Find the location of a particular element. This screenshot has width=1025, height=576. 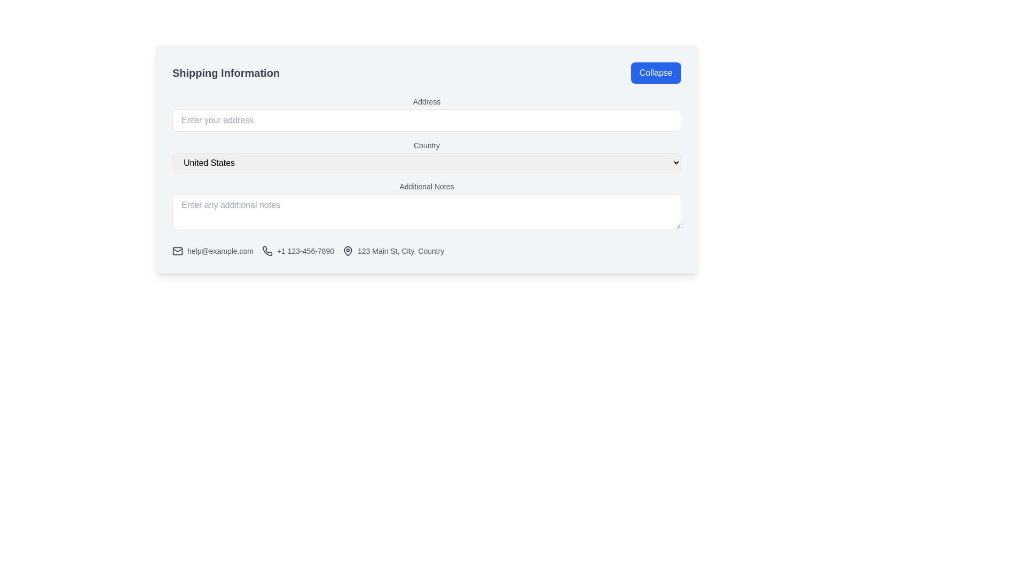

the 'Additional Notes' text label, which is styled in a smaller-sized, medium-weight font with a light gray color, positioned above a multi-line input field in the form layout is located at coordinates (426, 186).